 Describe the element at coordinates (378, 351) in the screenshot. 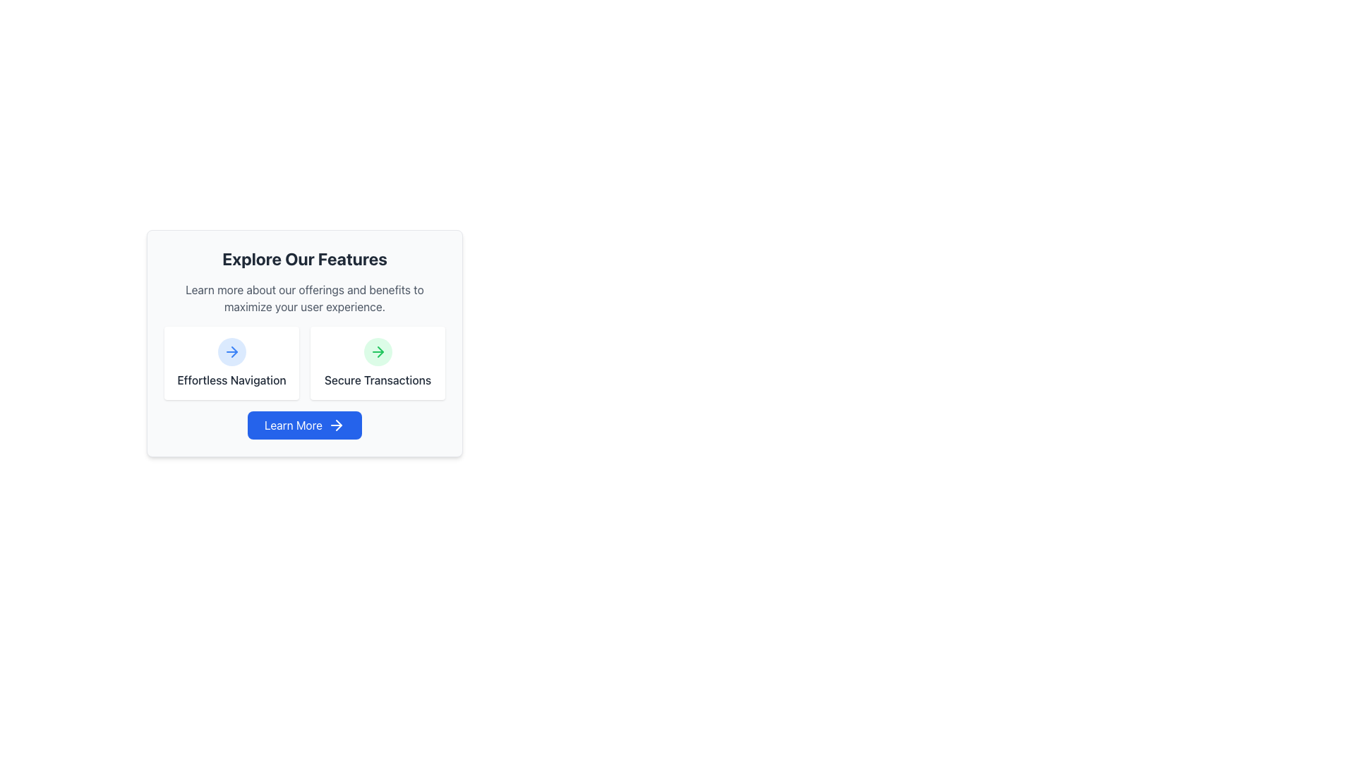

I see `the rightward arrow icon with a green outline and white interior located in the second row under the 'Secure Transactions' section` at that location.